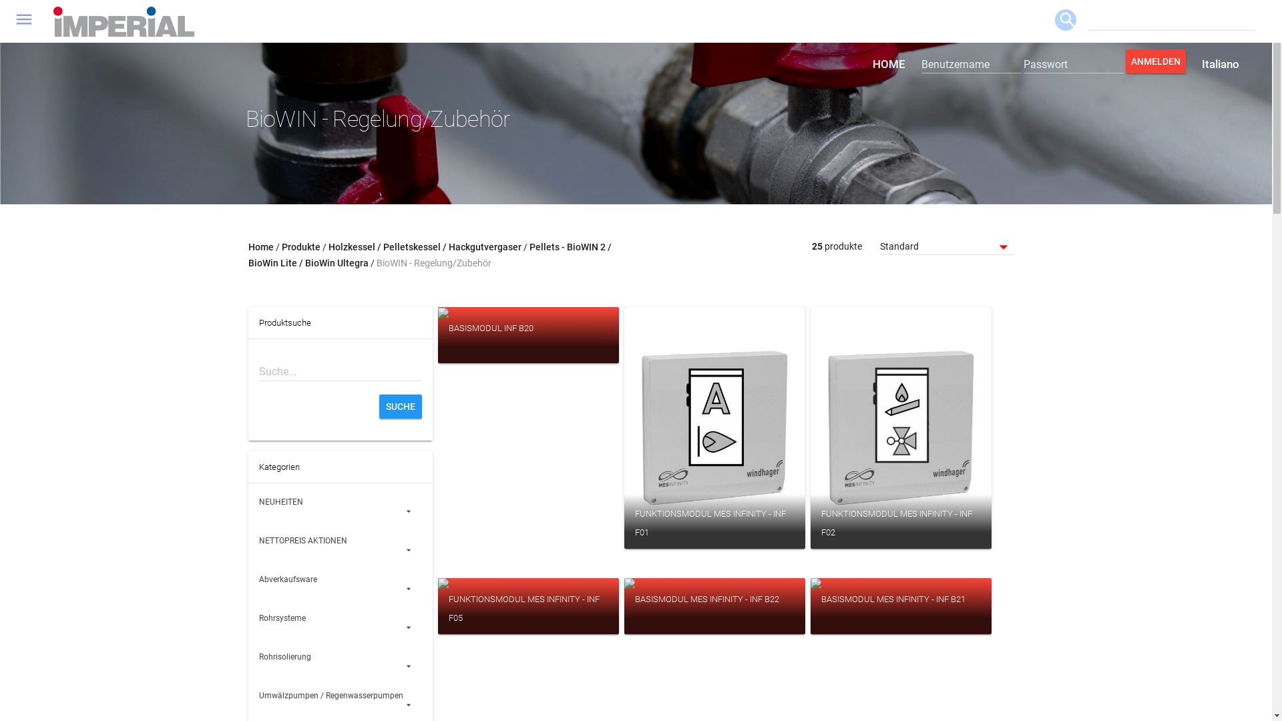  What do you see at coordinates (889, 64) in the screenshot?
I see `'HOME'` at bounding box center [889, 64].